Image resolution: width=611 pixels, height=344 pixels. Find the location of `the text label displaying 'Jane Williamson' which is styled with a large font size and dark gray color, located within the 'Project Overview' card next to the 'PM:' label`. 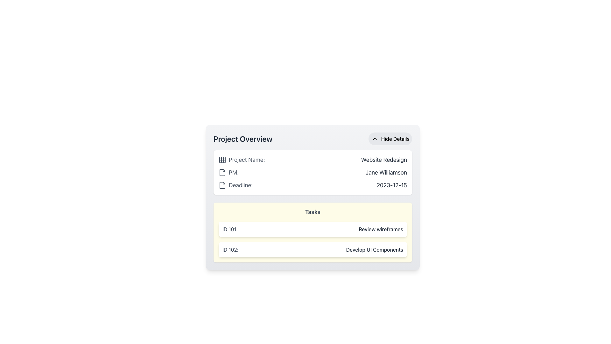

the text label displaying 'Jane Williamson' which is styled with a large font size and dark gray color, located within the 'Project Overview' card next to the 'PM:' label is located at coordinates (386, 173).